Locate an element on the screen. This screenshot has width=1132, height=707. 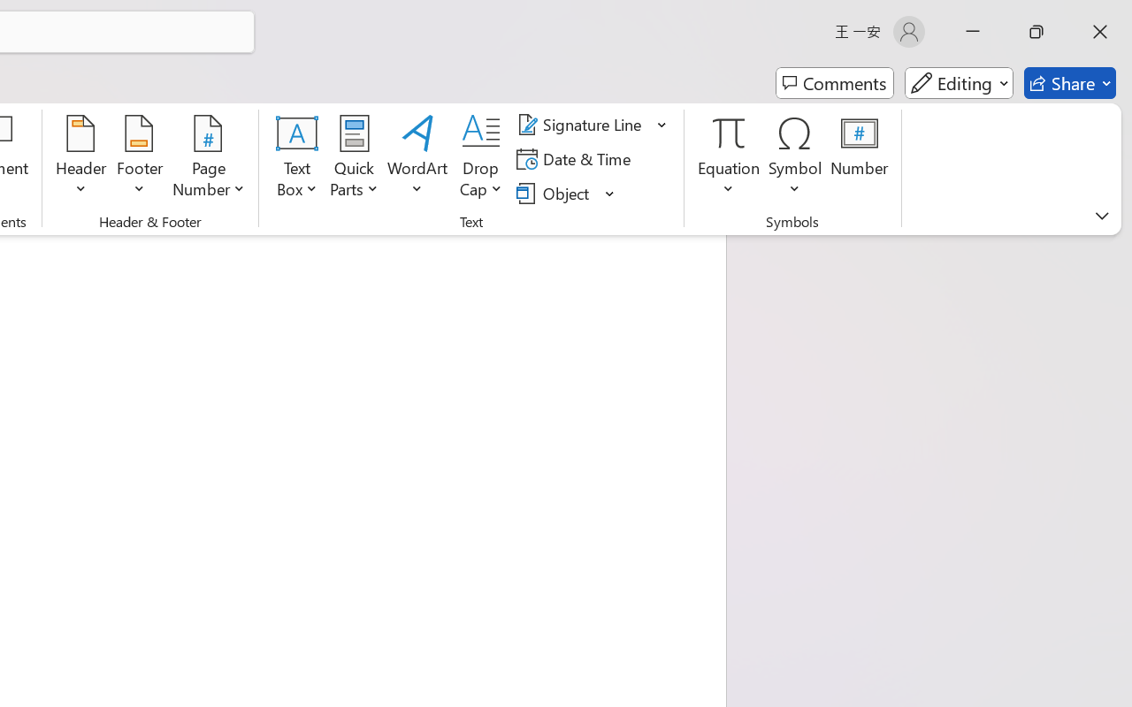
'Share' is located at coordinates (1069, 83).